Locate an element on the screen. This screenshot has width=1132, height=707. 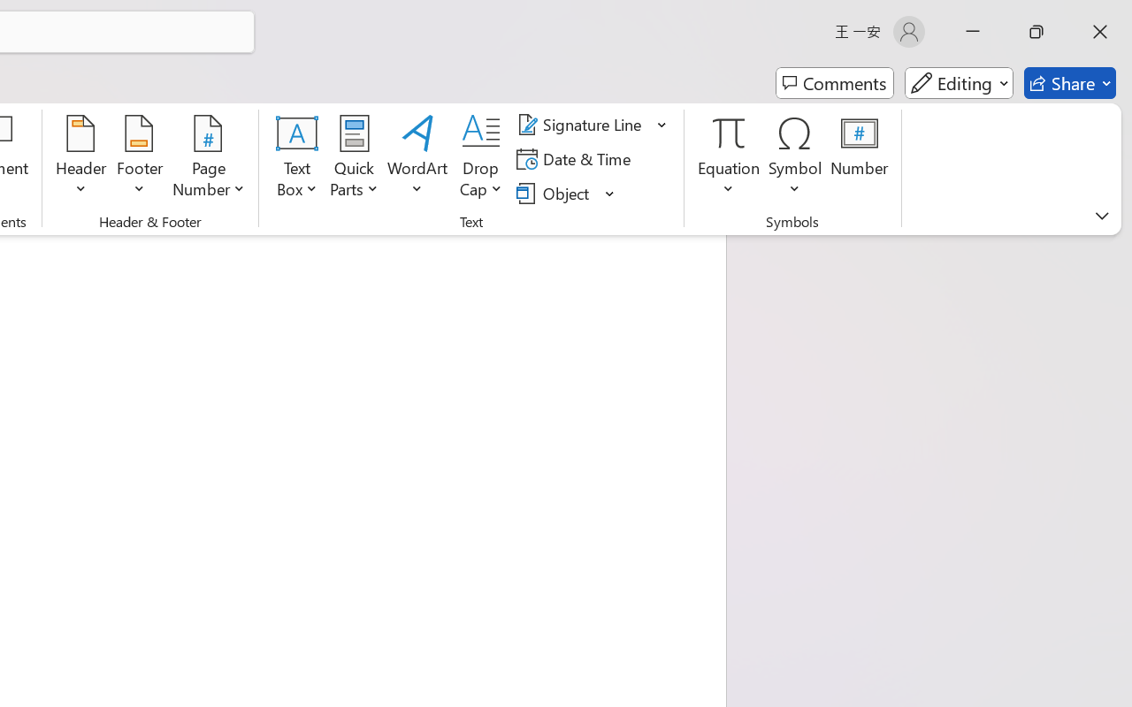
'Share' is located at coordinates (1069, 83).